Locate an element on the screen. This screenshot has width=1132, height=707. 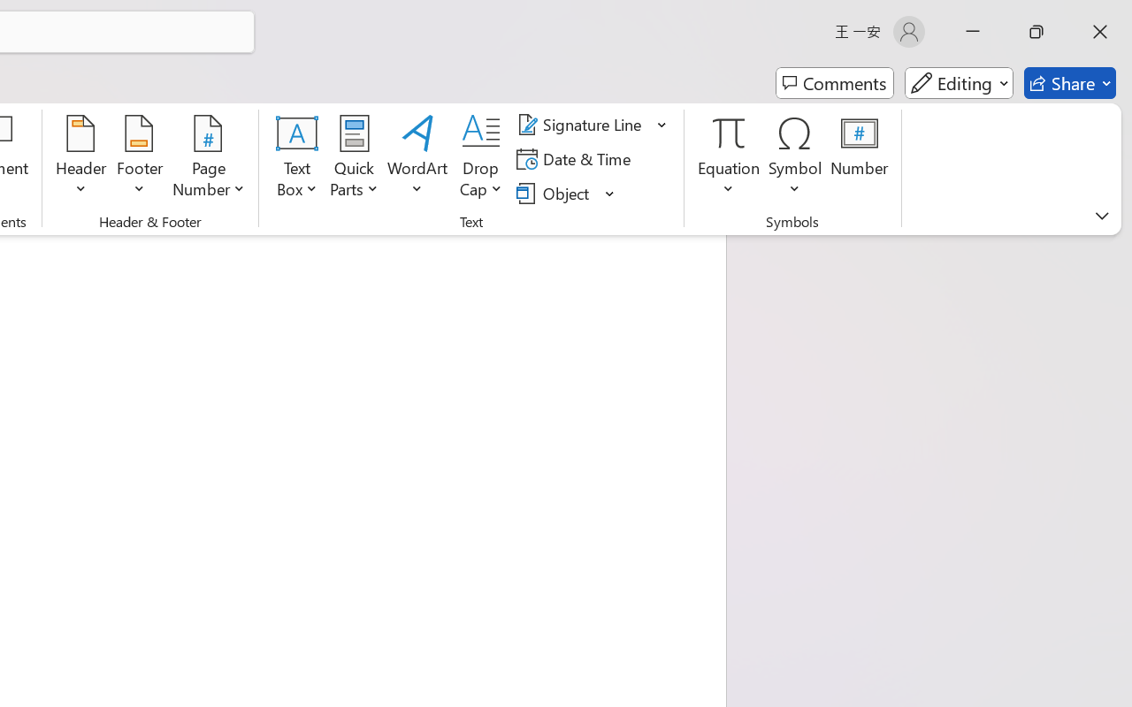
'Share' is located at coordinates (1069, 83).